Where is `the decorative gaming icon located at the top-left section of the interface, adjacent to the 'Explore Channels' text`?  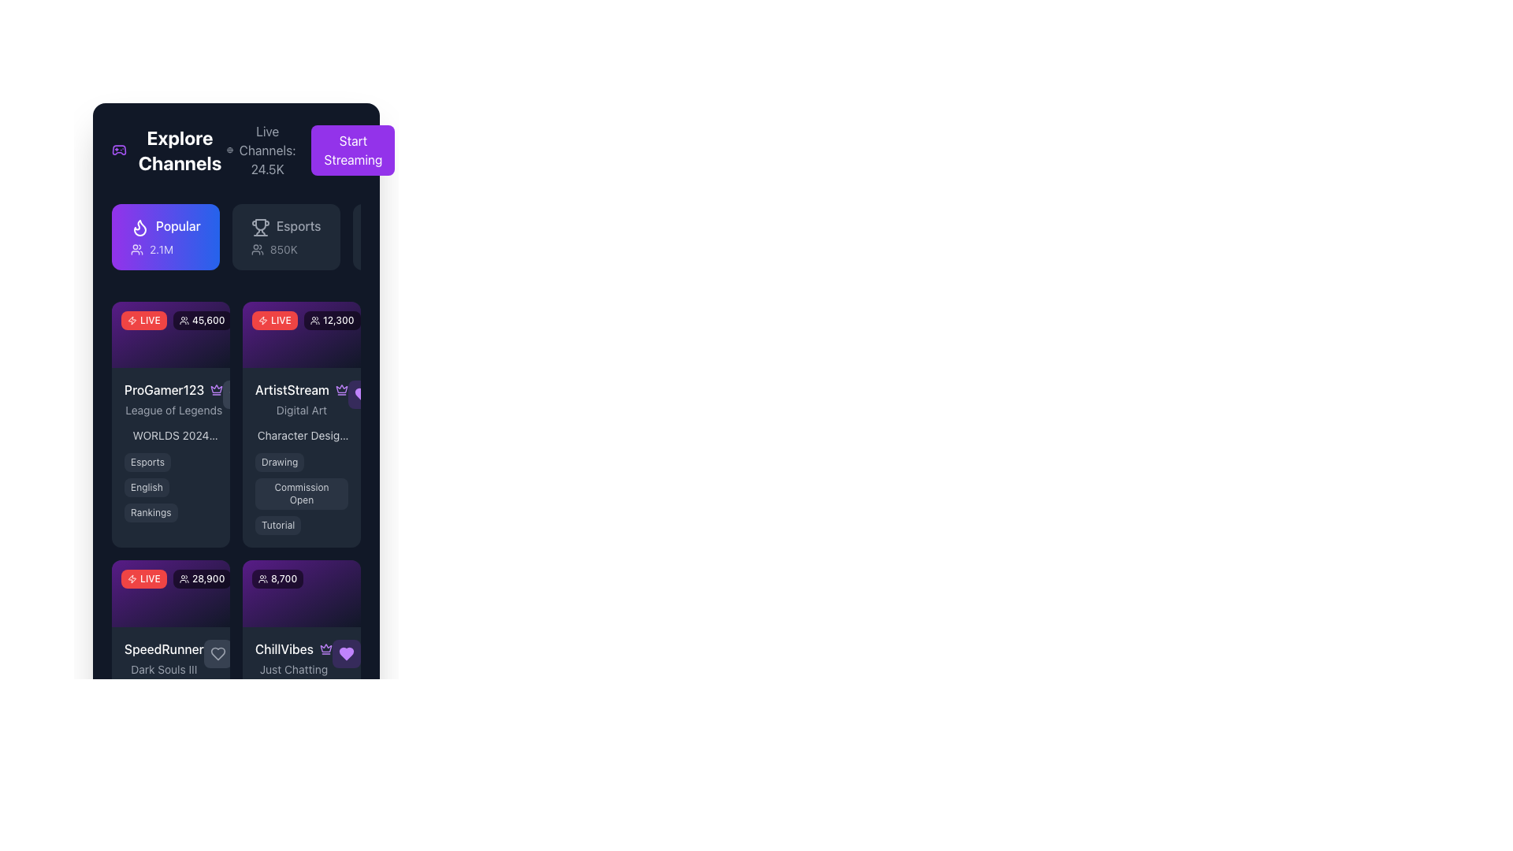
the decorative gaming icon located at the top-left section of the interface, adjacent to the 'Explore Channels' text is located at coordinates (118, 151).